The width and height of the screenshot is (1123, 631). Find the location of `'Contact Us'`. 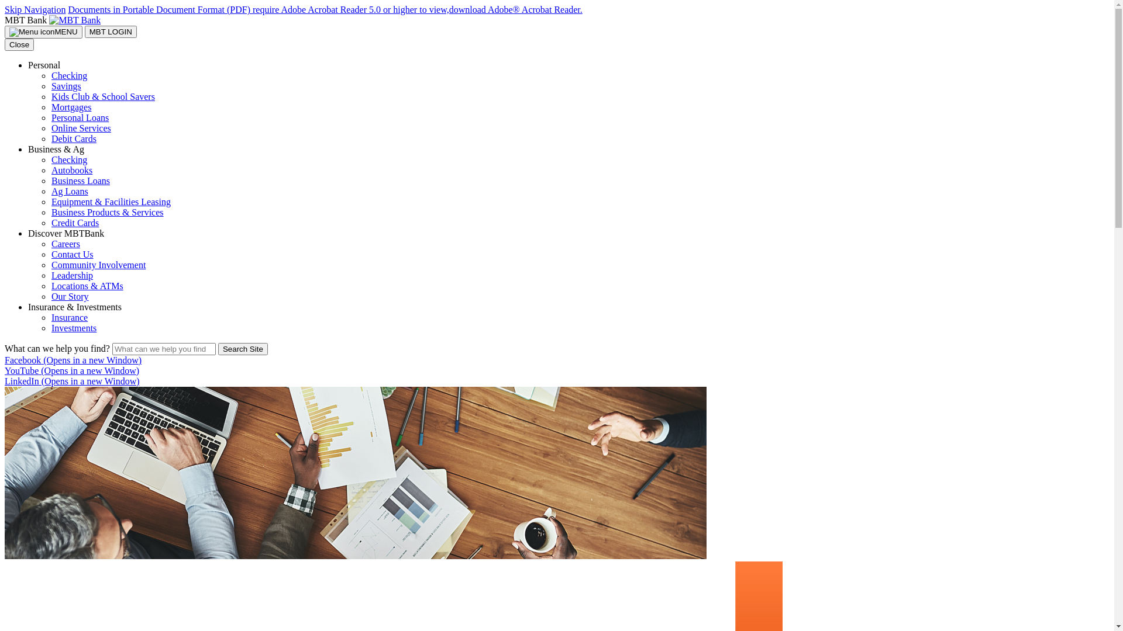

'Contact Us' is located at coordinates (50, 254).